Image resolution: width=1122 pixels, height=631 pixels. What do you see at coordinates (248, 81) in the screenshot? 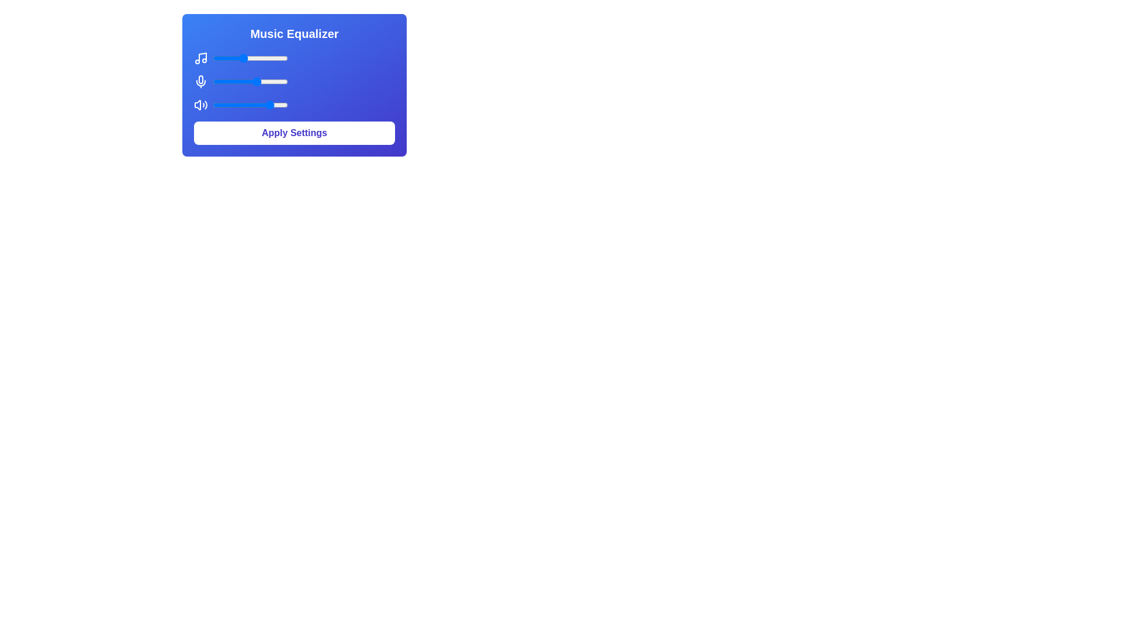
I see `the slider value` at bounding box center [248, 81].